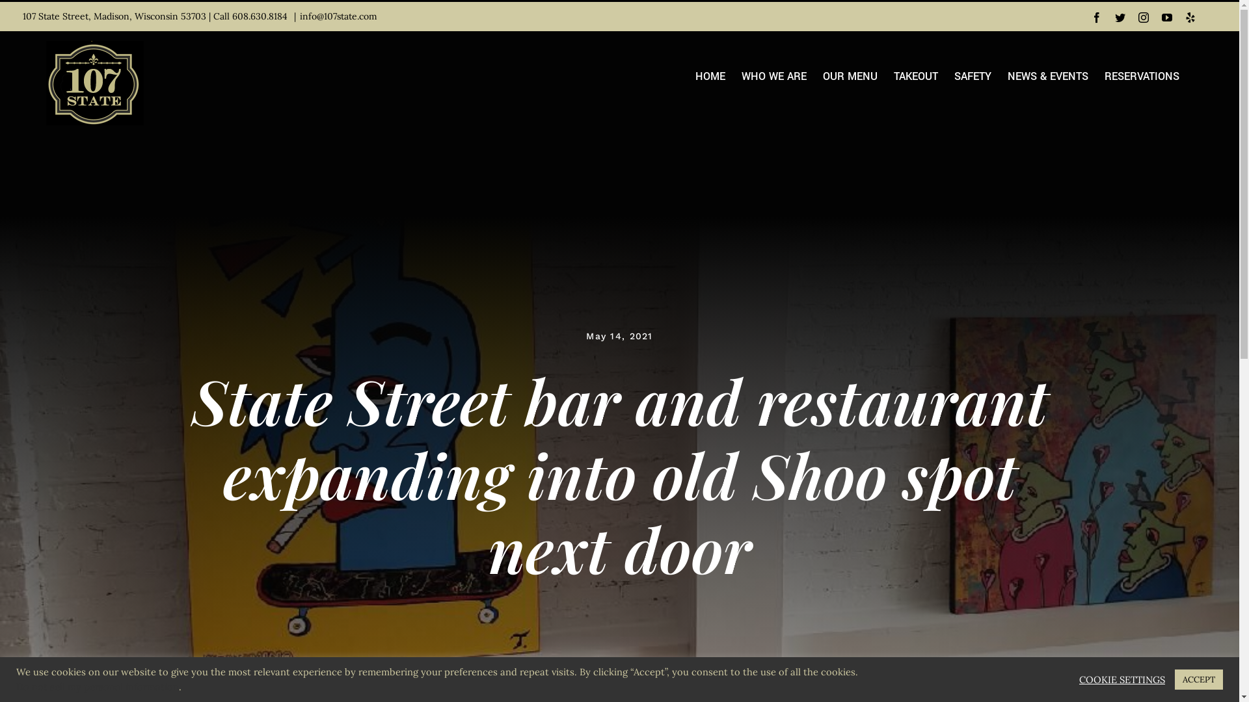  I want to click on 'HOME', so click(709, 77).